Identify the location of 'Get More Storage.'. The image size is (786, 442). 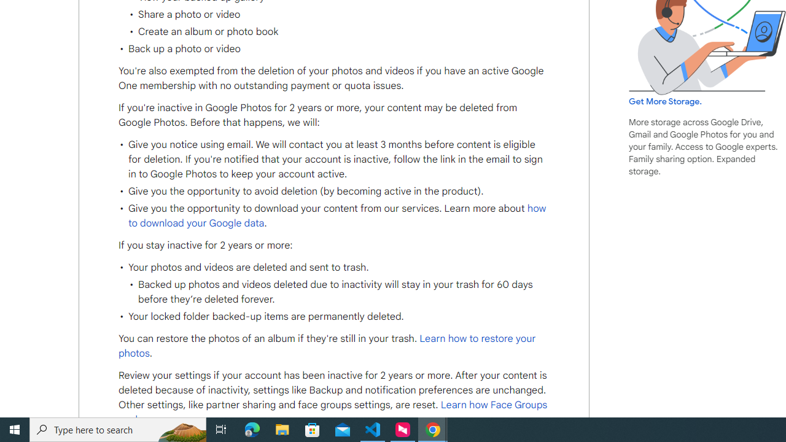
(664, 101).